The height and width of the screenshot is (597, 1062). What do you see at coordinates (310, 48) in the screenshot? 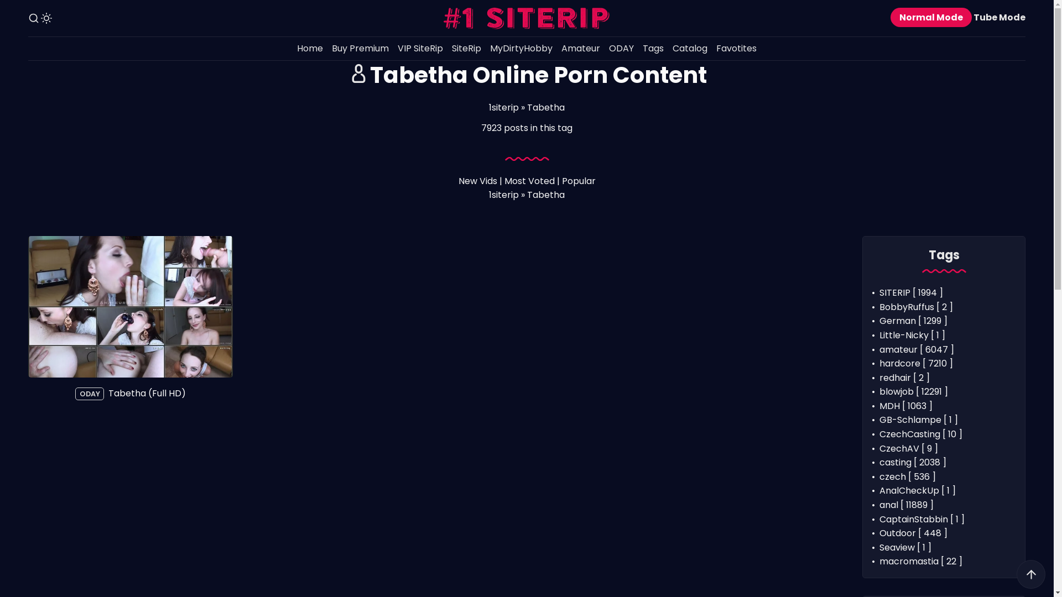
I see `'Home'` at bounding box center [310, 48].